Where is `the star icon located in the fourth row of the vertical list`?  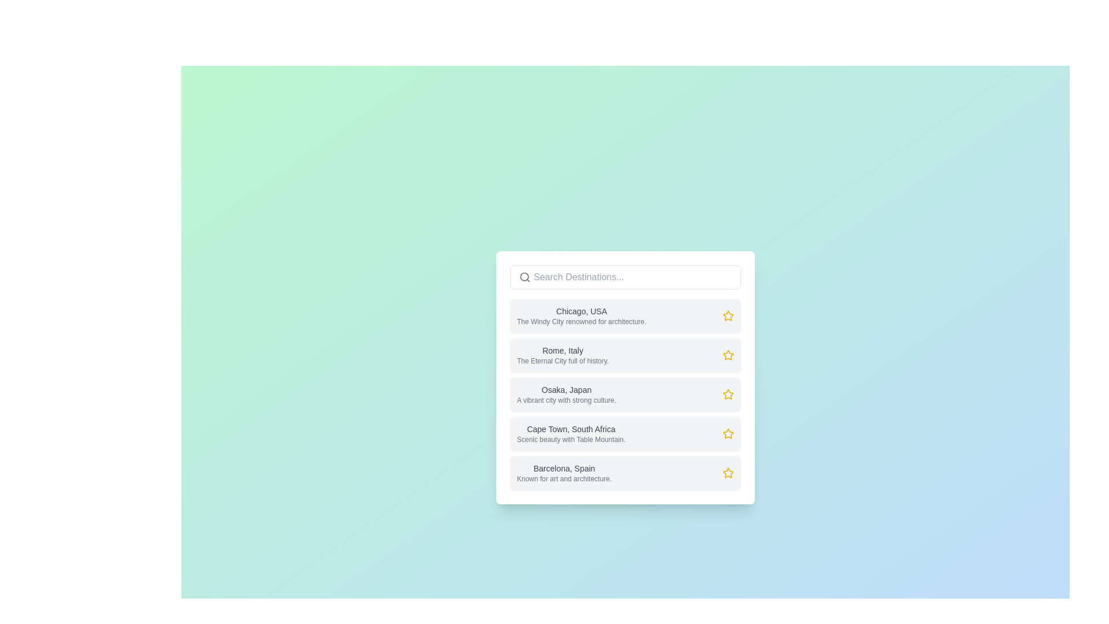 the star icon located in the fourth row of the vertical list is located at coordinates (727, 433).